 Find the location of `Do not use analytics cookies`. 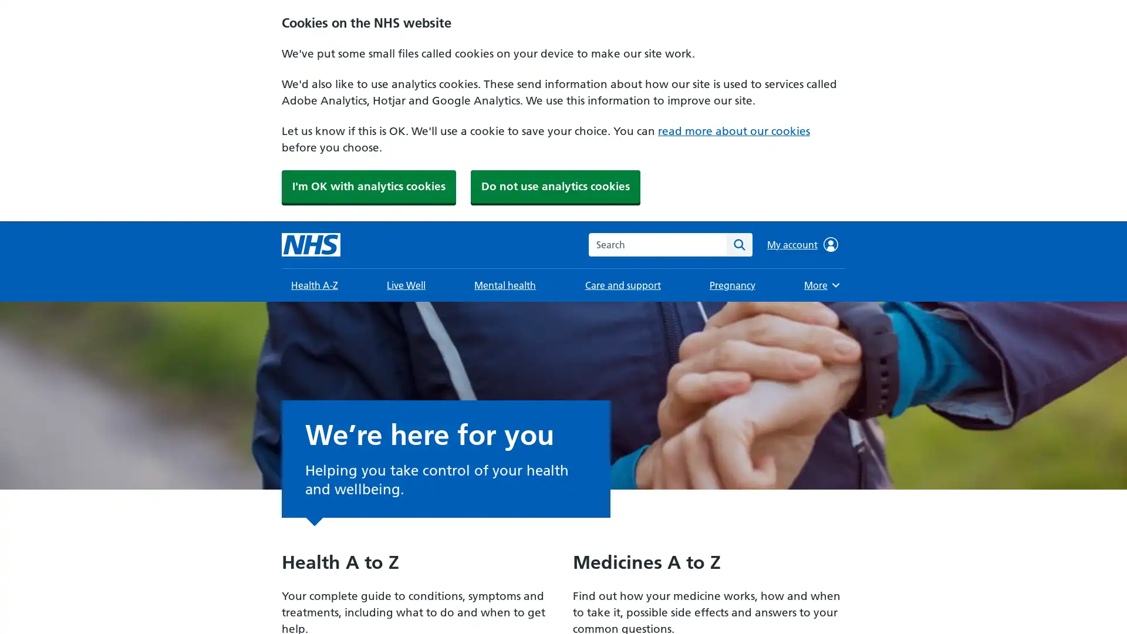

Do not use analytics cookies is located at coordinates (555, 186).